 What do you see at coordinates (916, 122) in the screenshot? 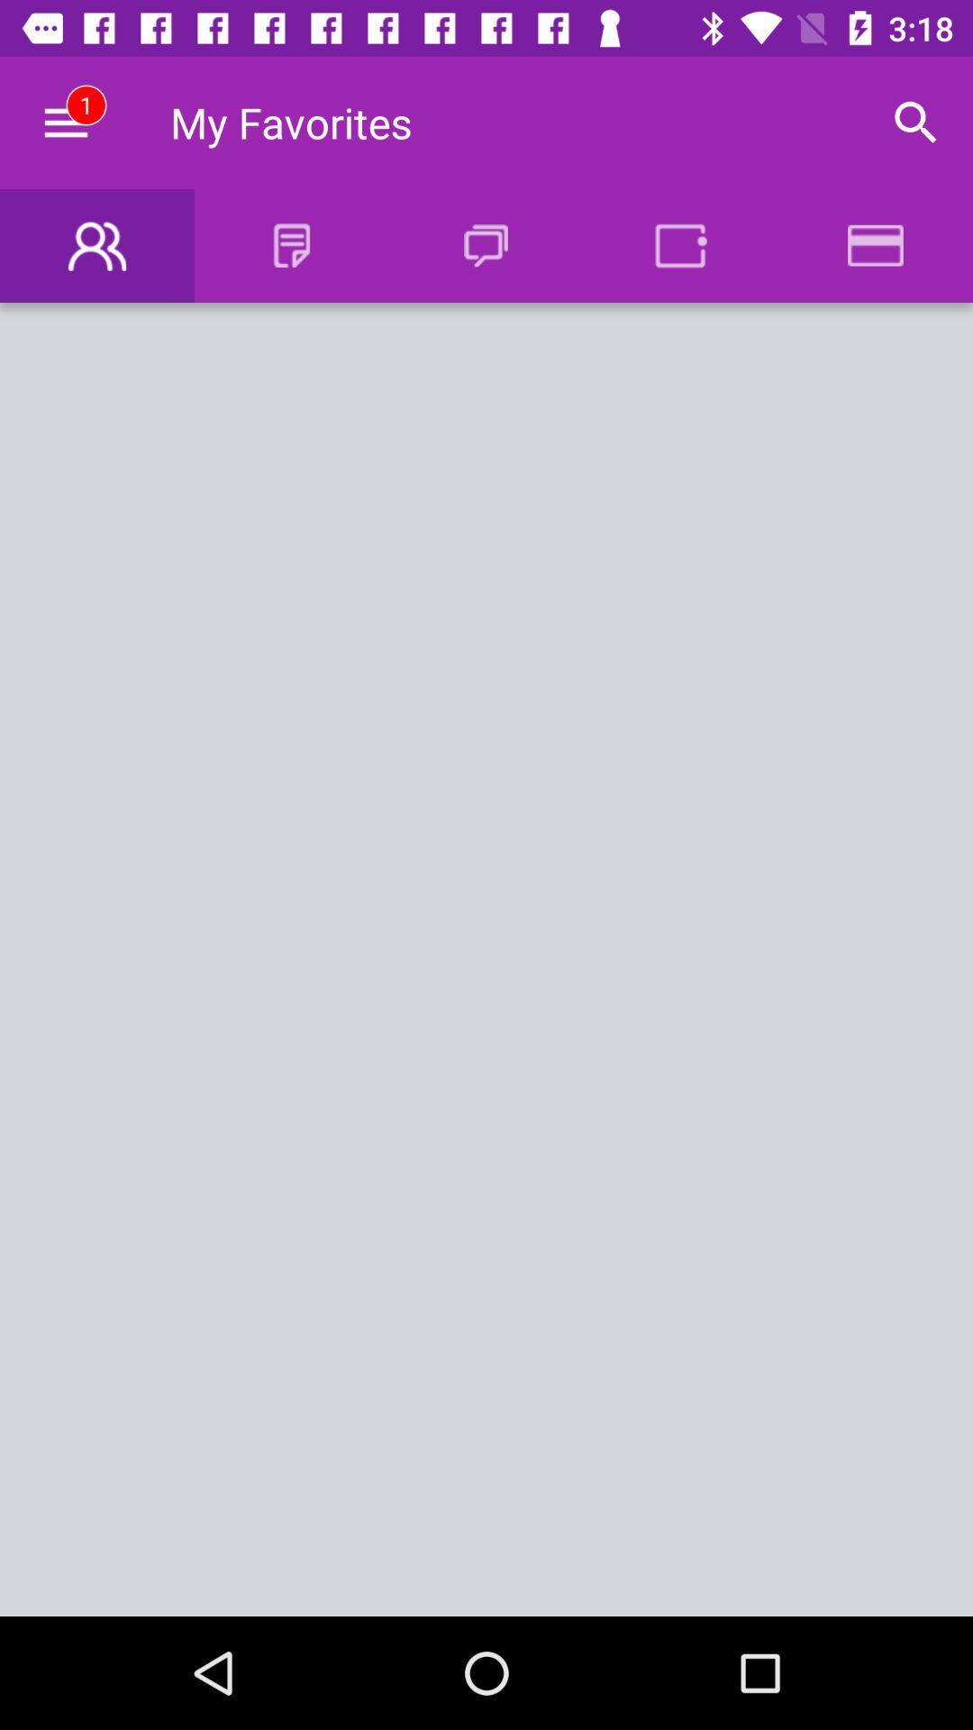
I see `the item to the right of the my favorites item` at bounding box center [916, 122].